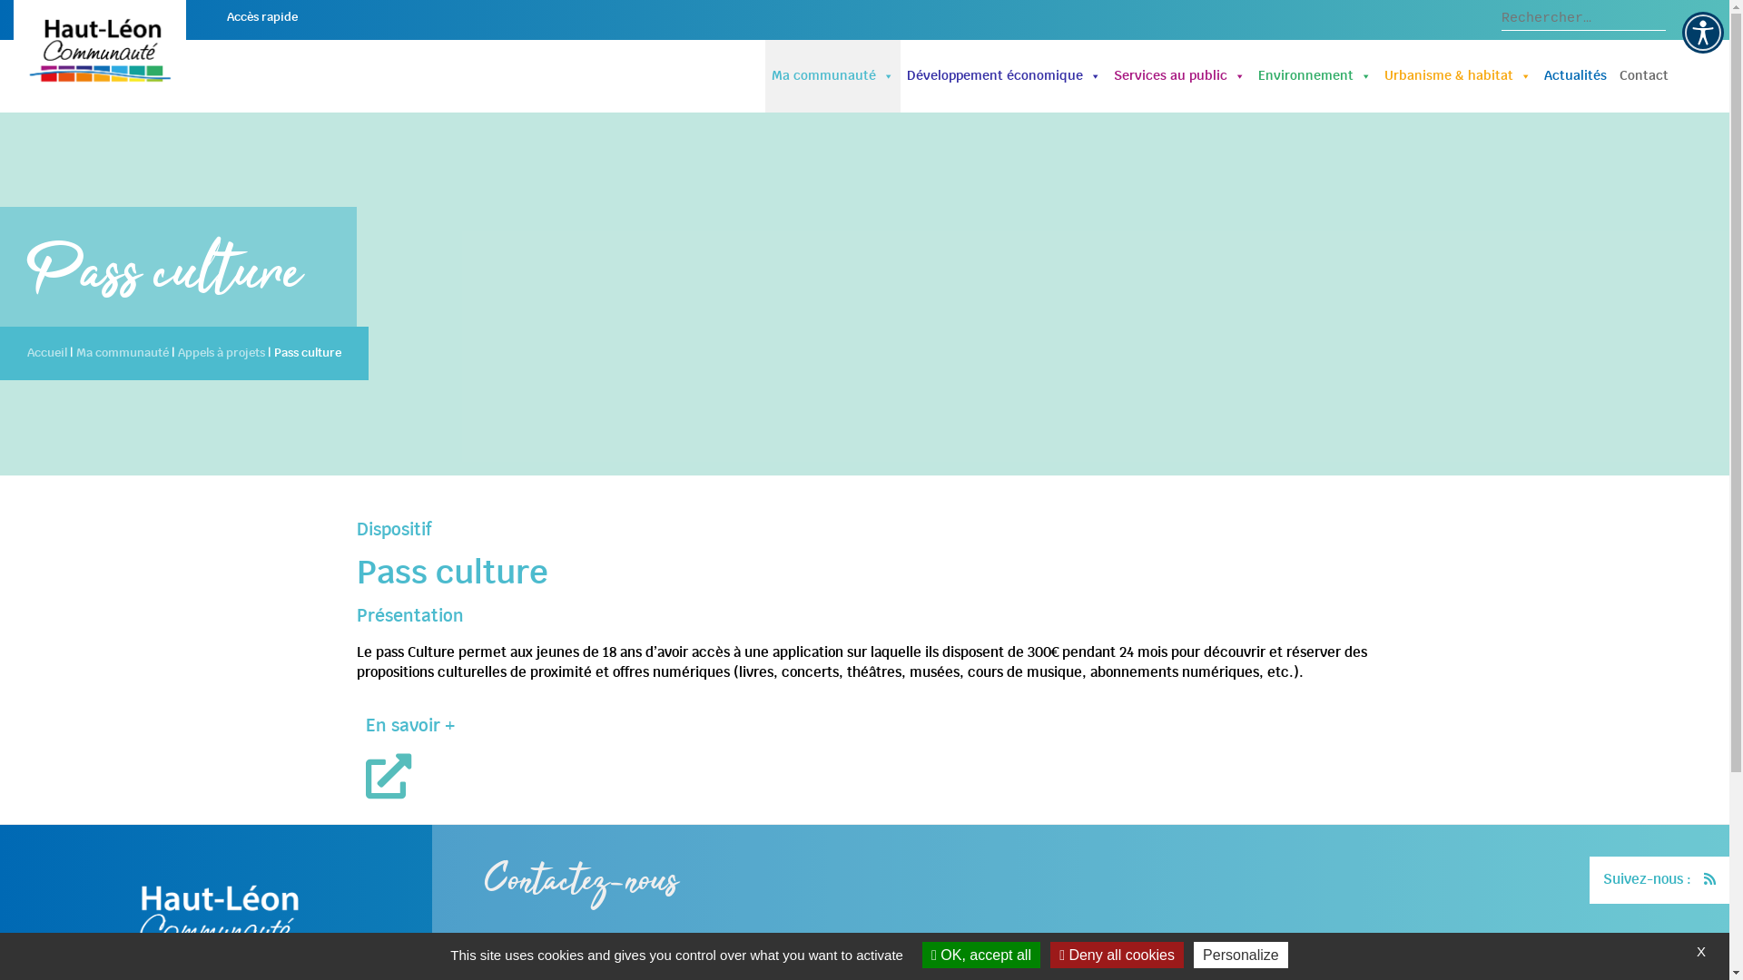  What do you see at coordinates (1643, 75) in the screenshot?
I see `'Contact'` at bounding box center [1643, 75].